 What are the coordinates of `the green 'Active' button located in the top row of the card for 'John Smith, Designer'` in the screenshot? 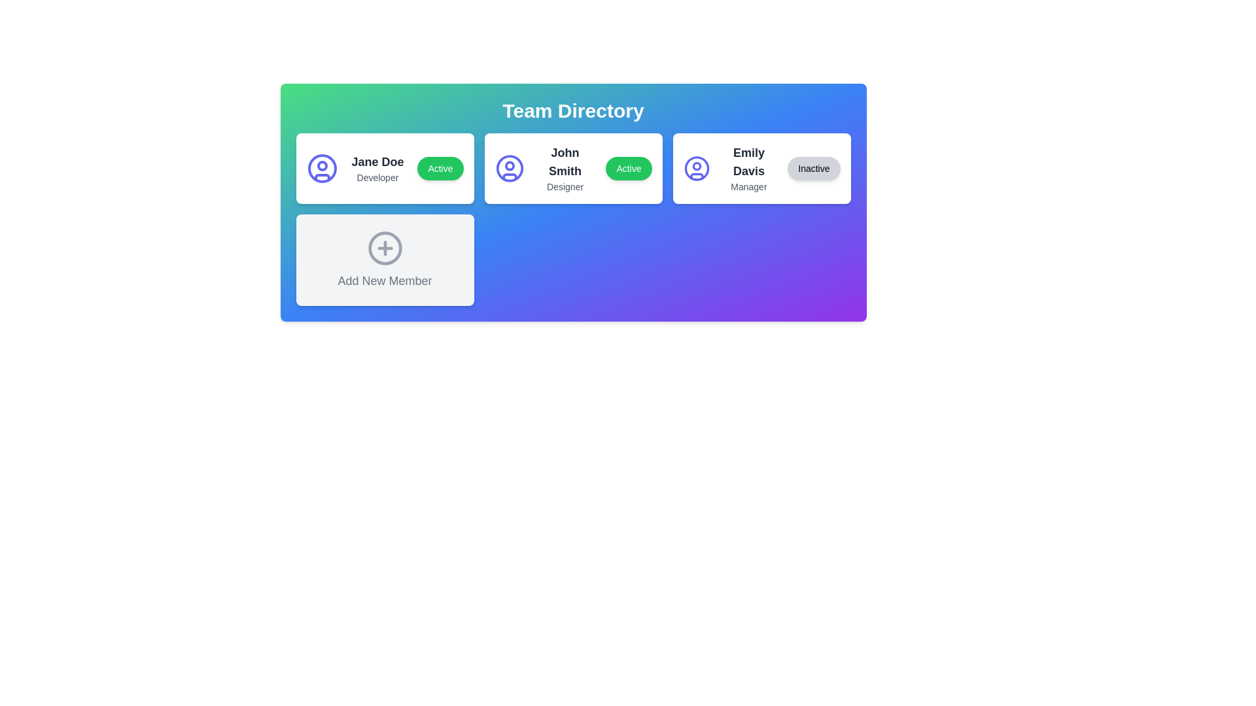 It's located at (629, 168).